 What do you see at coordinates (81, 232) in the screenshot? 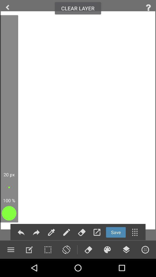
I see `to erase a line` at bounding box center [81, 232].